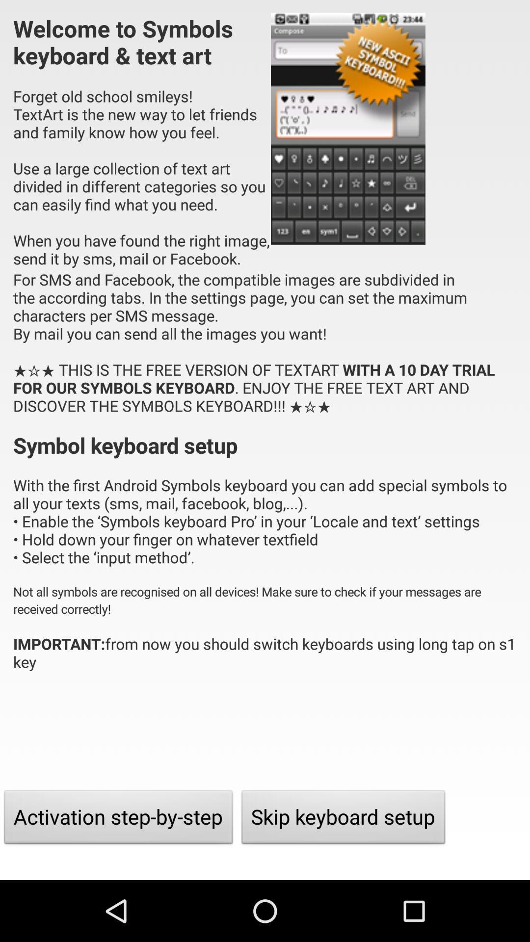 Image resolution: width=530 pixels, height=942 pixels. What do you see at coordinates (343, 819) in the screenshot?
I see `button next to the activation step by item` at bounding box center [343, 819].